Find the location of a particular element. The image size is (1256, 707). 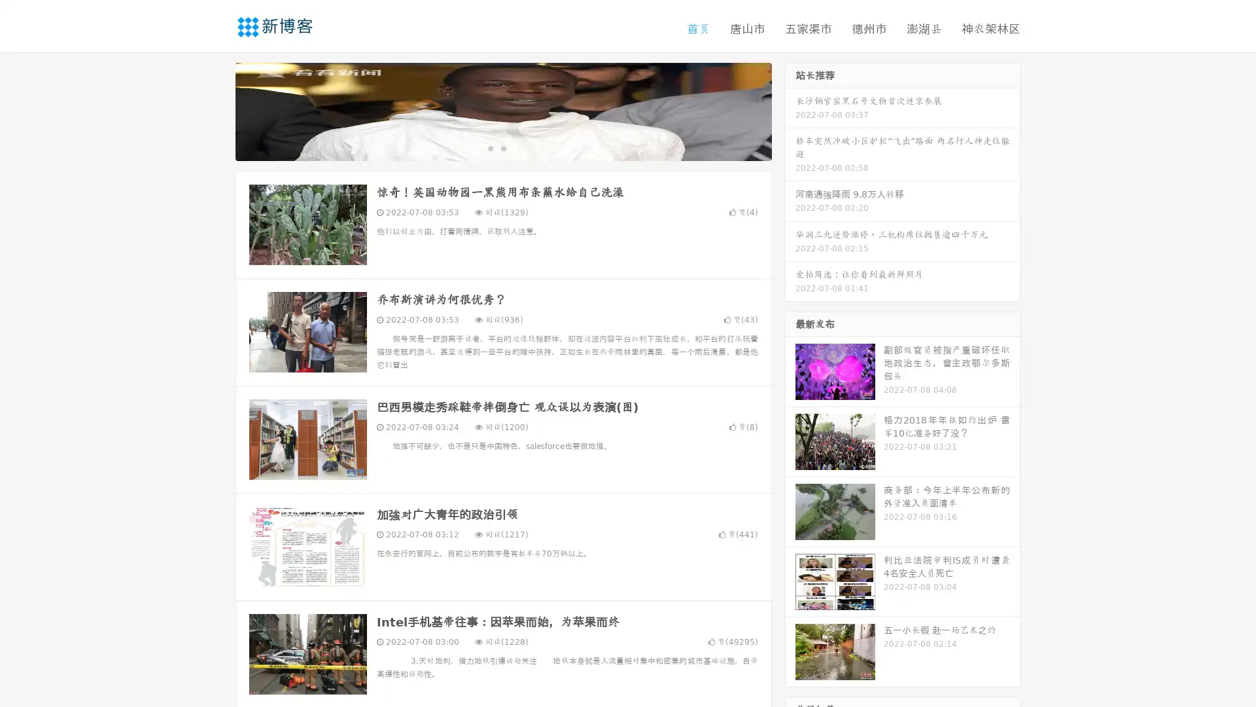

Previous slide is located at coordinates (216, 110).